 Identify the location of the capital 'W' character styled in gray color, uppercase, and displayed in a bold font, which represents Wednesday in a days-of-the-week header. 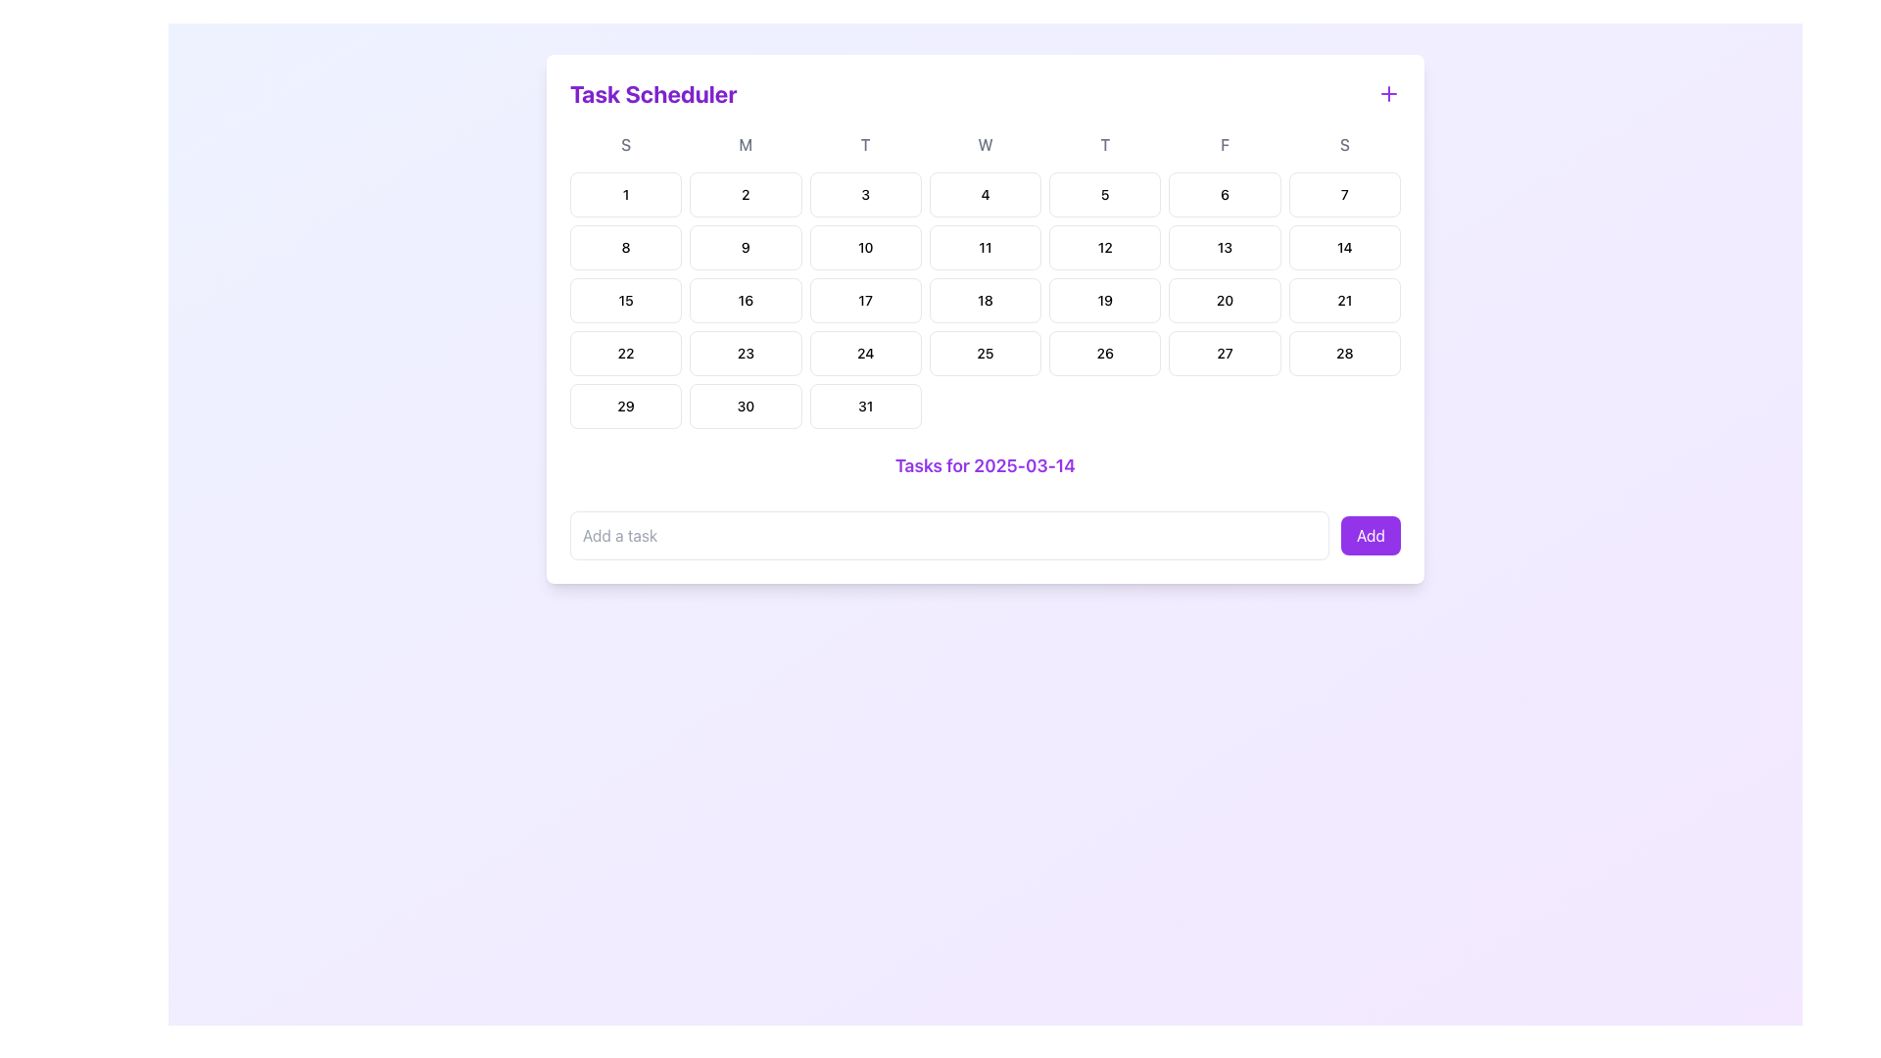
(986, 143).